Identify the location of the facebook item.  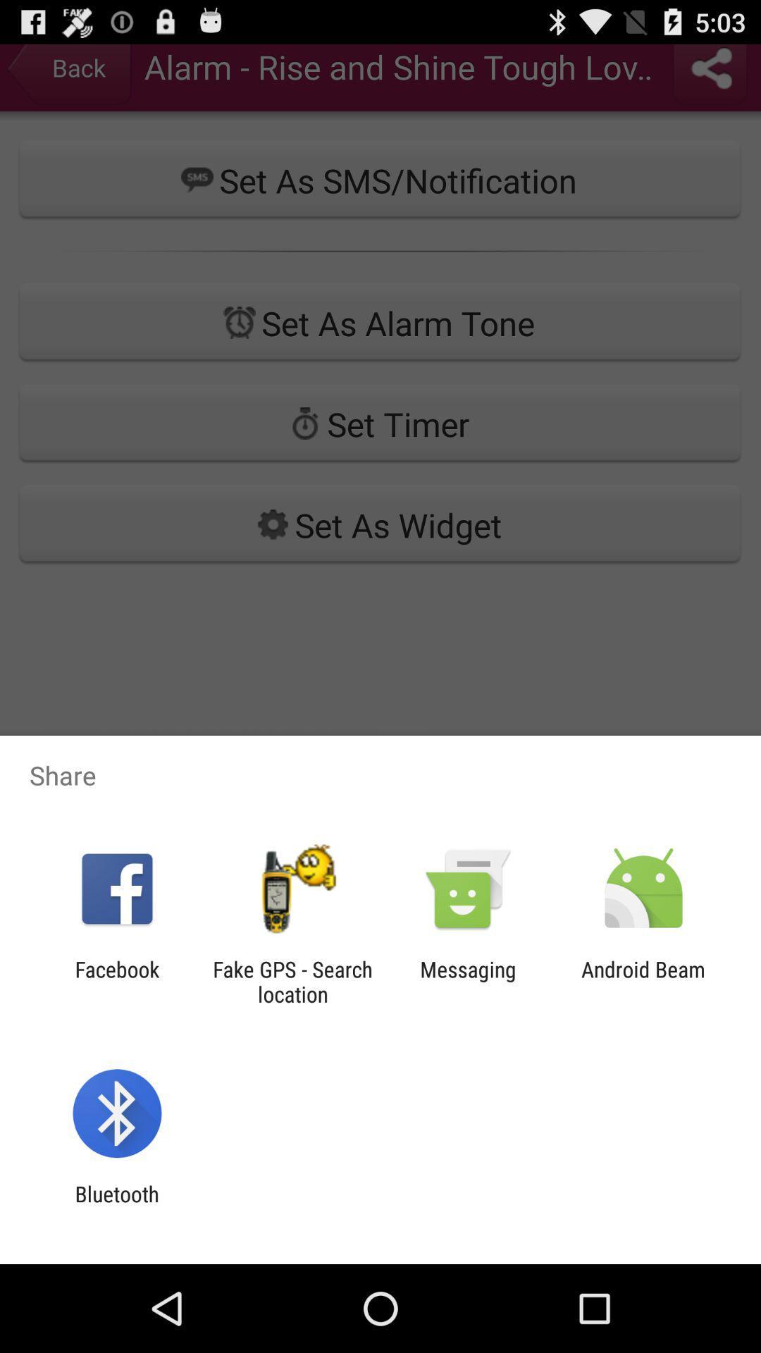
(116, 981).